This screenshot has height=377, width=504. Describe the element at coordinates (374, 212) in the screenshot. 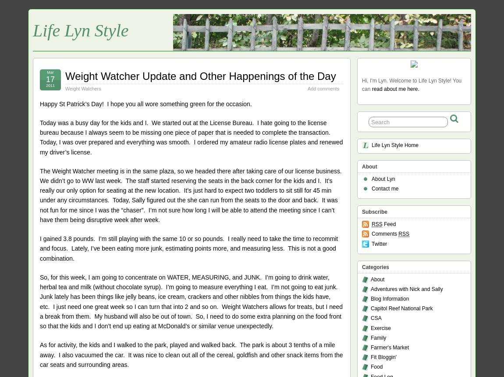

I see `'Subscribe'` at that location.